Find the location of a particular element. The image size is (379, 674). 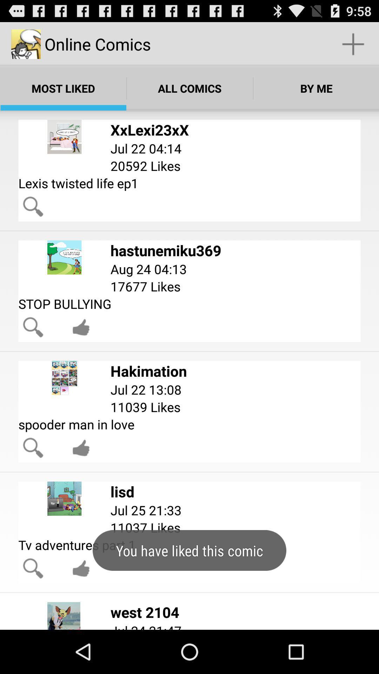

like comic is located at coordinates (81, 568).